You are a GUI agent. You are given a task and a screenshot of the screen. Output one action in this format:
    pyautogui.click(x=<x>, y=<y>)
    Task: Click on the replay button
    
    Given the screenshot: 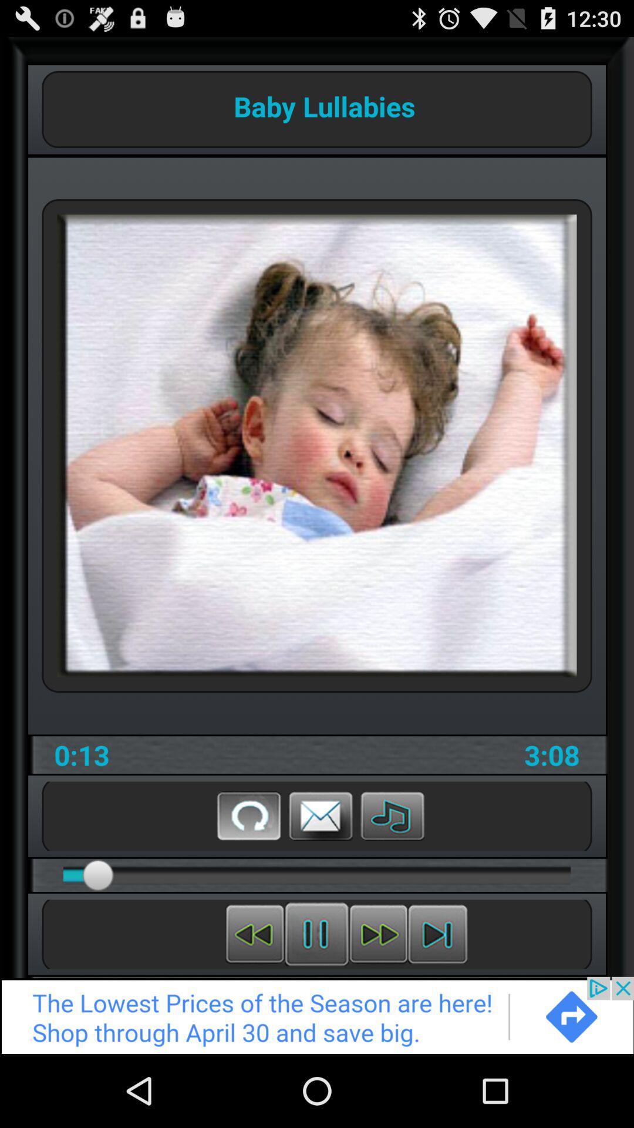 What is the action you would take?
    pyautogui.click(x=248, y=815)
    